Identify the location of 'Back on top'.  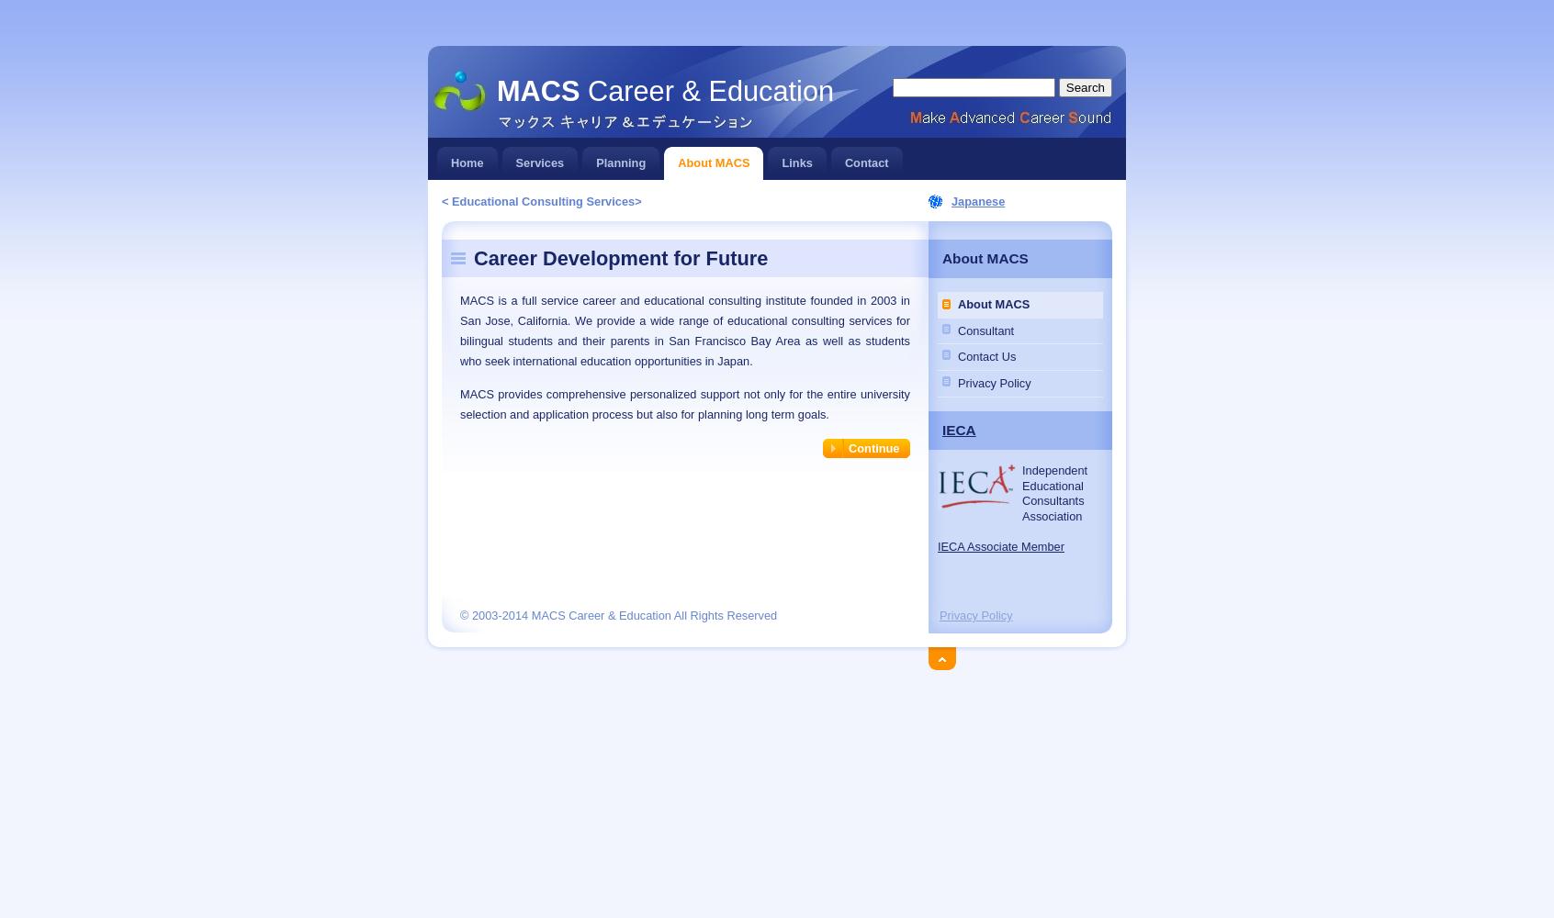
(940, 675).